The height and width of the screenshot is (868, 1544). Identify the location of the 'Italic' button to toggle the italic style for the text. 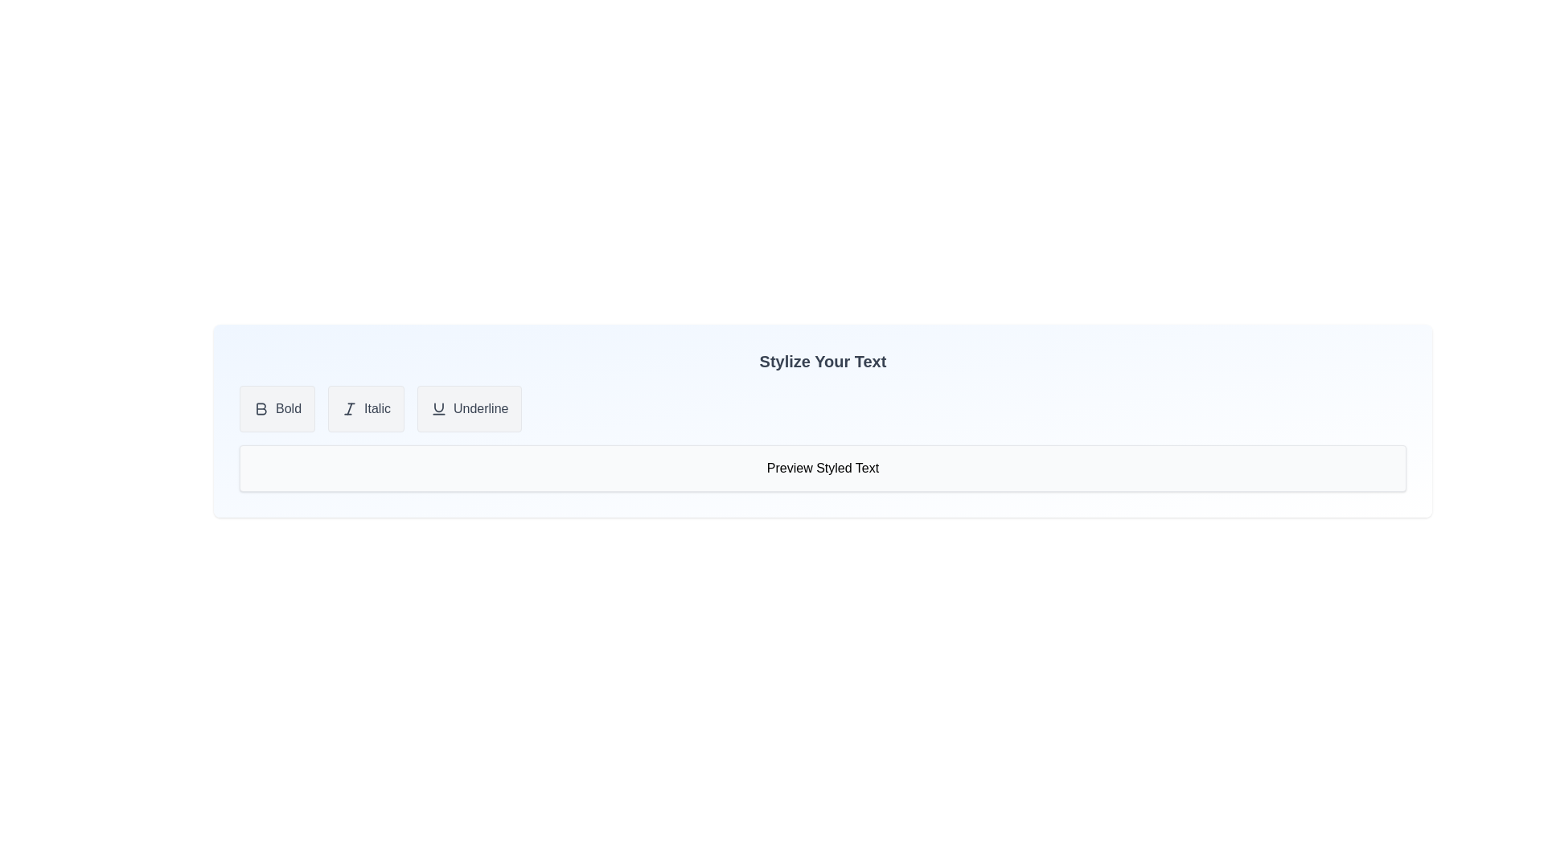
(365, 408).